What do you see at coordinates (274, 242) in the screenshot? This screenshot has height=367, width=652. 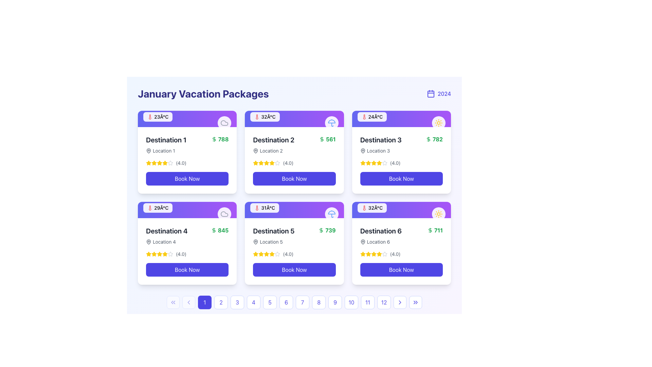 I see `the text label 'Location 5' with the location marker icon, which is positioned below the title 'Destination 5' and above the star rating section in the lower section of the card` at bounding box center [274, 242].